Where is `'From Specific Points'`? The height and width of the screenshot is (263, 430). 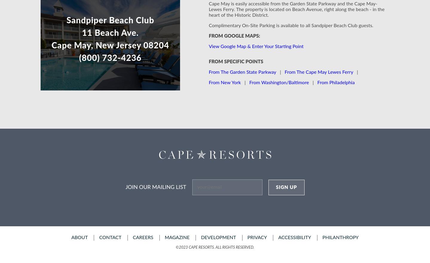
'From Specific Points' is located at coordinates (236, 61).